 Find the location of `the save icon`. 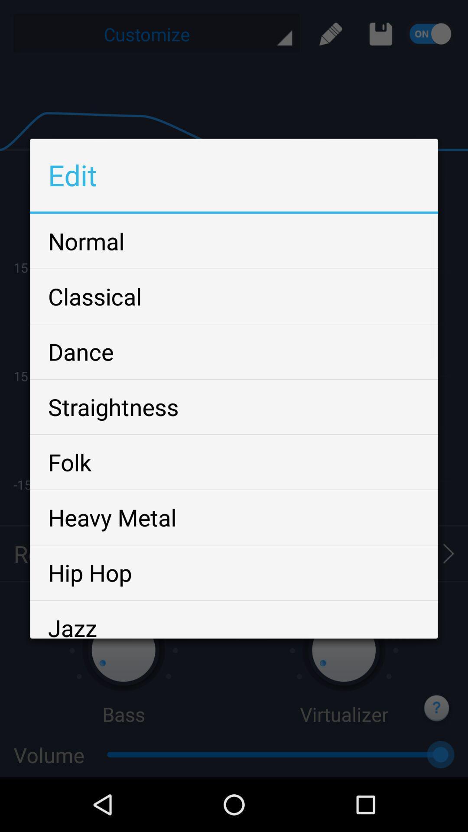

the save icon is located at coordinates (380, 36).